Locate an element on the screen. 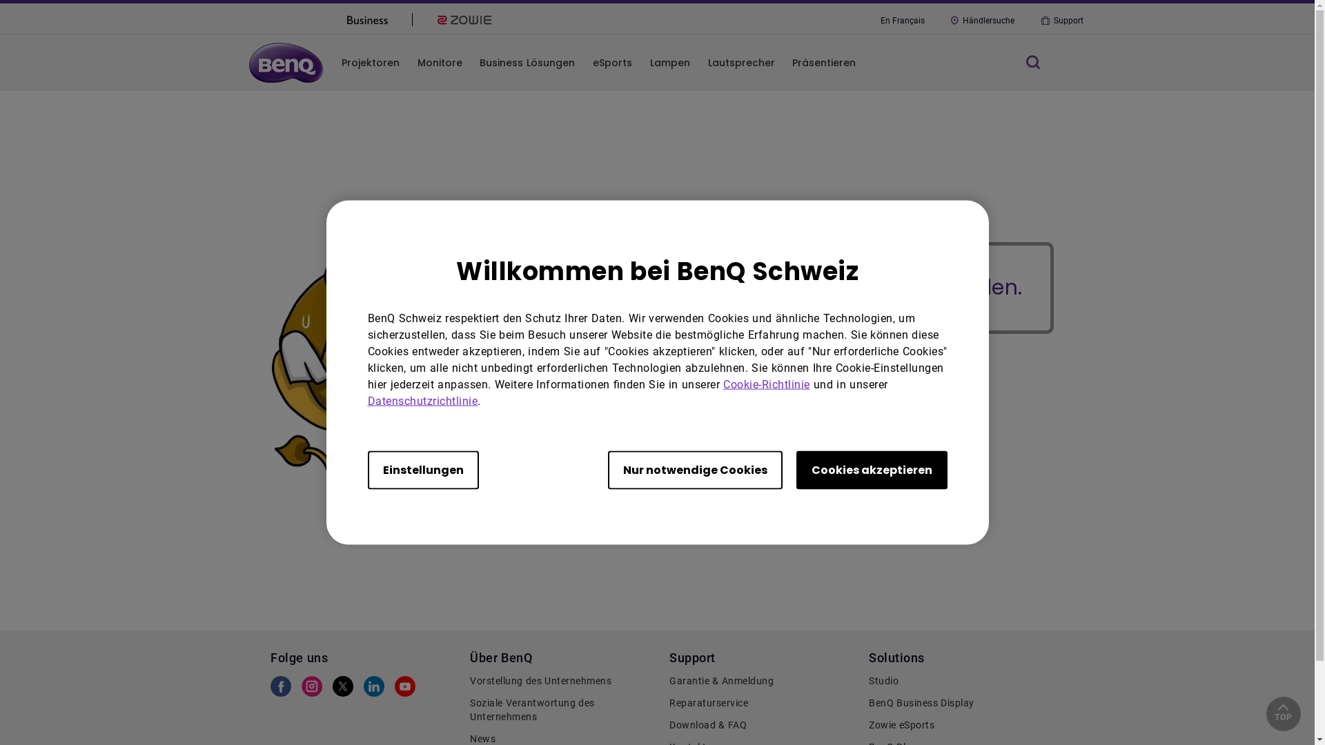 The width and height of the screenshot is (1325, 745). 'Lautsprecher' is located at coordinates (699, 63).